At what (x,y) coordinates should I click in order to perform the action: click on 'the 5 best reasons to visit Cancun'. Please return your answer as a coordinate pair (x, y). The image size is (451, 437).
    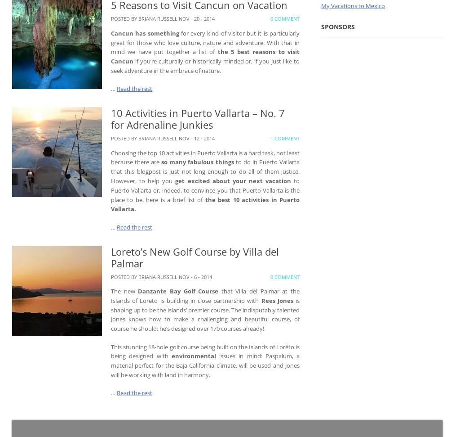
    Looking at the image, I should click on (205, 56).